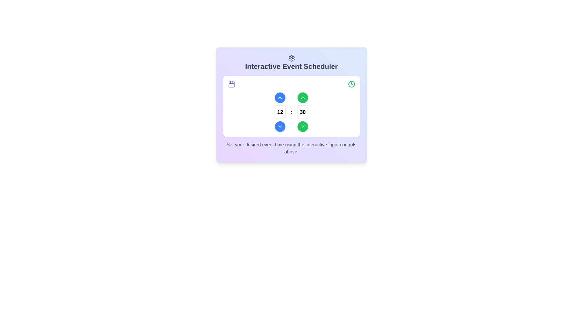 This screenshot has height=318, width=565. I want to click on central rectangular UI element within the calendar icon for debugging purposes, so click(231, 84).